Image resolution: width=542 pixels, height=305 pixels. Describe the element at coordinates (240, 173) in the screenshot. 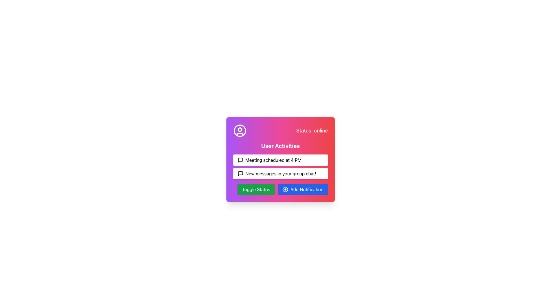

I see `the messaging-related icon located to the left of the text 'New messages in your group chat!' to observe its tooltip if present` at that location.